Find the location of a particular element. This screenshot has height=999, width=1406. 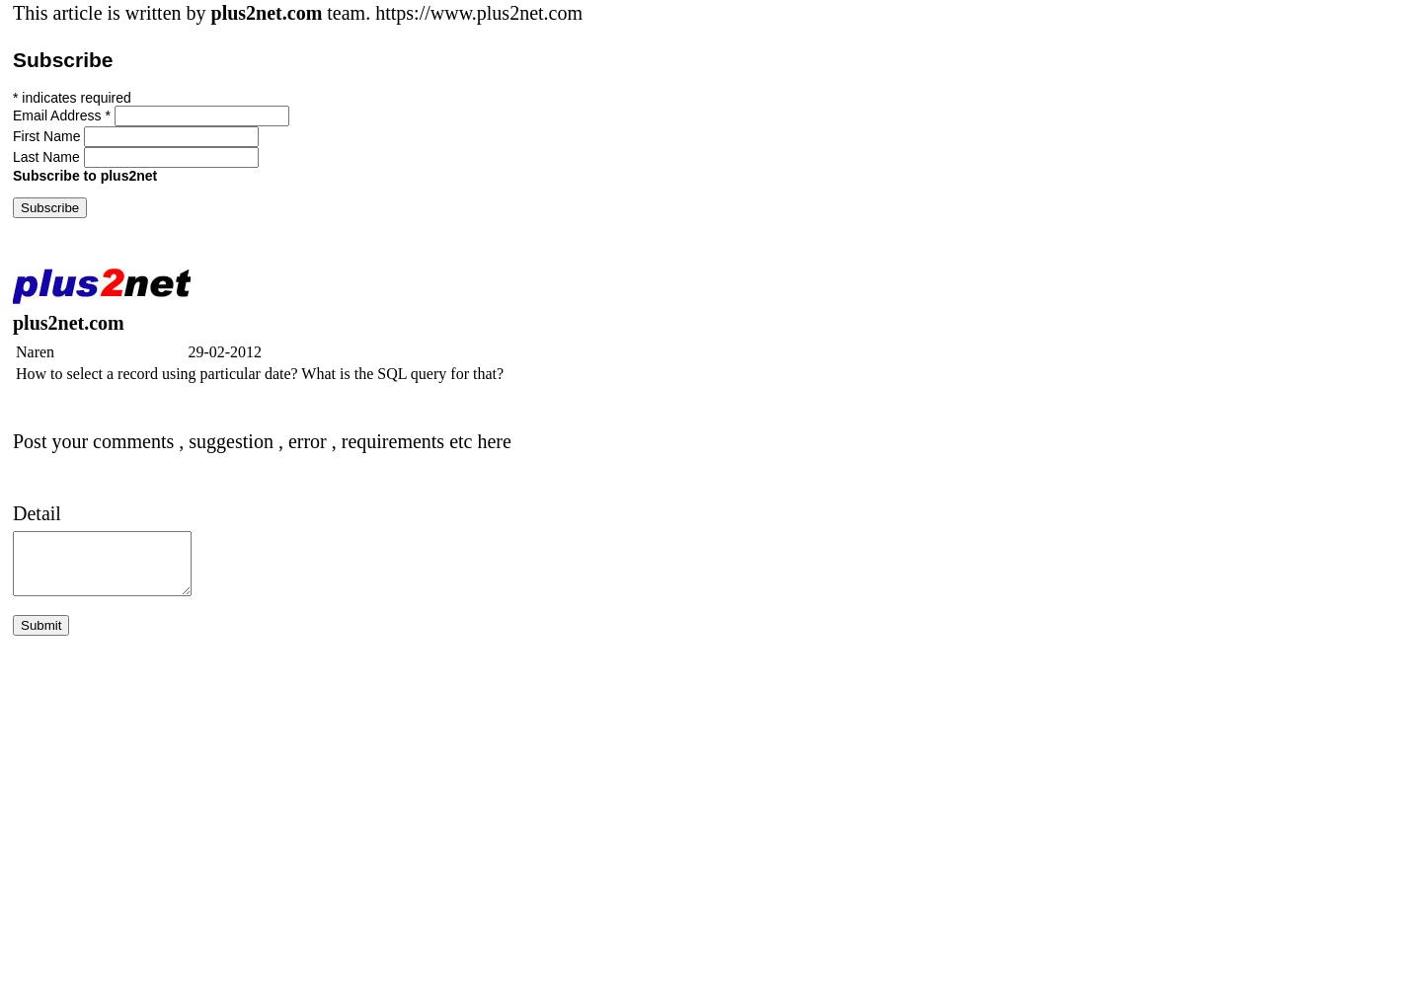

'Naren' is located at coordinates (35, 349).